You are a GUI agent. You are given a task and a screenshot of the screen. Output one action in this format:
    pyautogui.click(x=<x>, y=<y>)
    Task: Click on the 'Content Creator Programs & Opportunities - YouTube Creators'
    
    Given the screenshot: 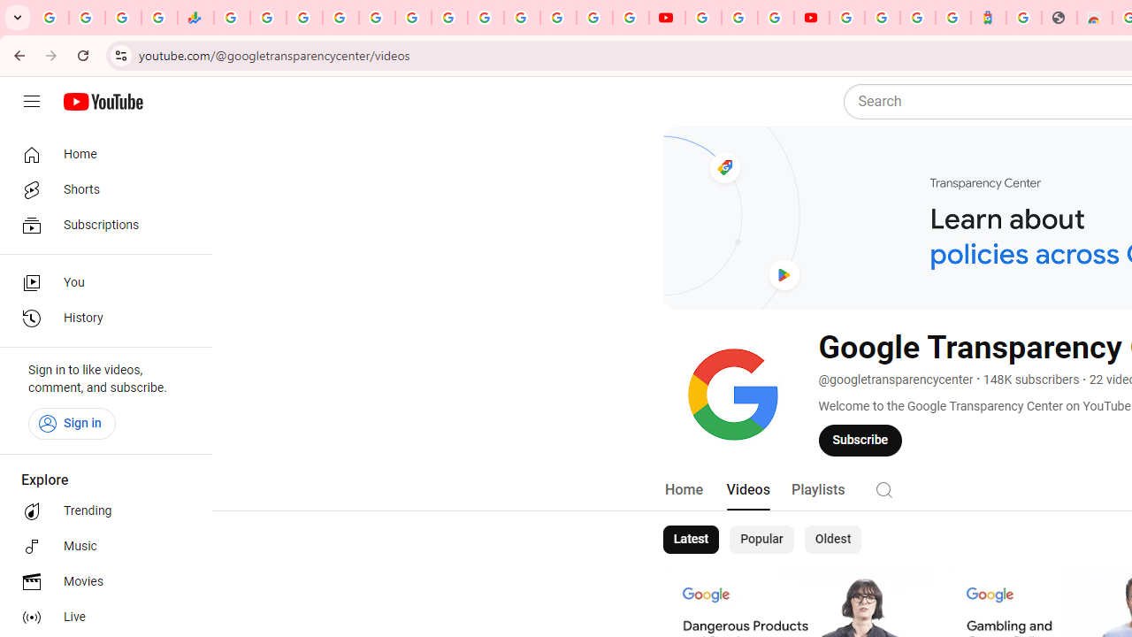 What is the action you would take?
    pyautogui.click(x=811, y=18)
    